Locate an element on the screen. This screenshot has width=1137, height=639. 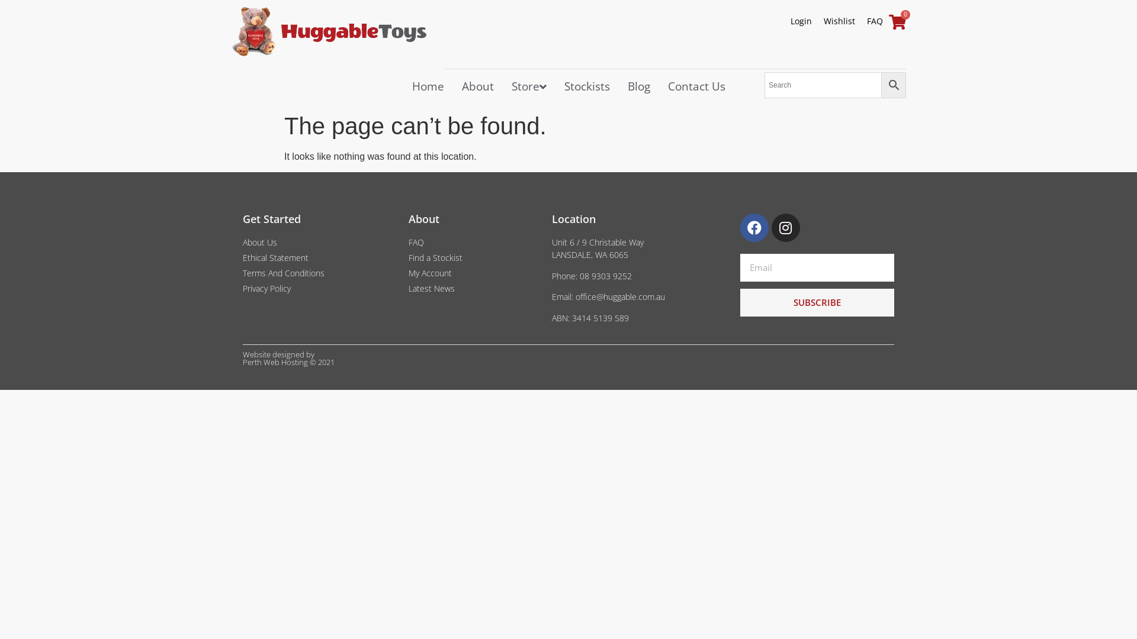
'Store' is located at coordinates (528, 86).